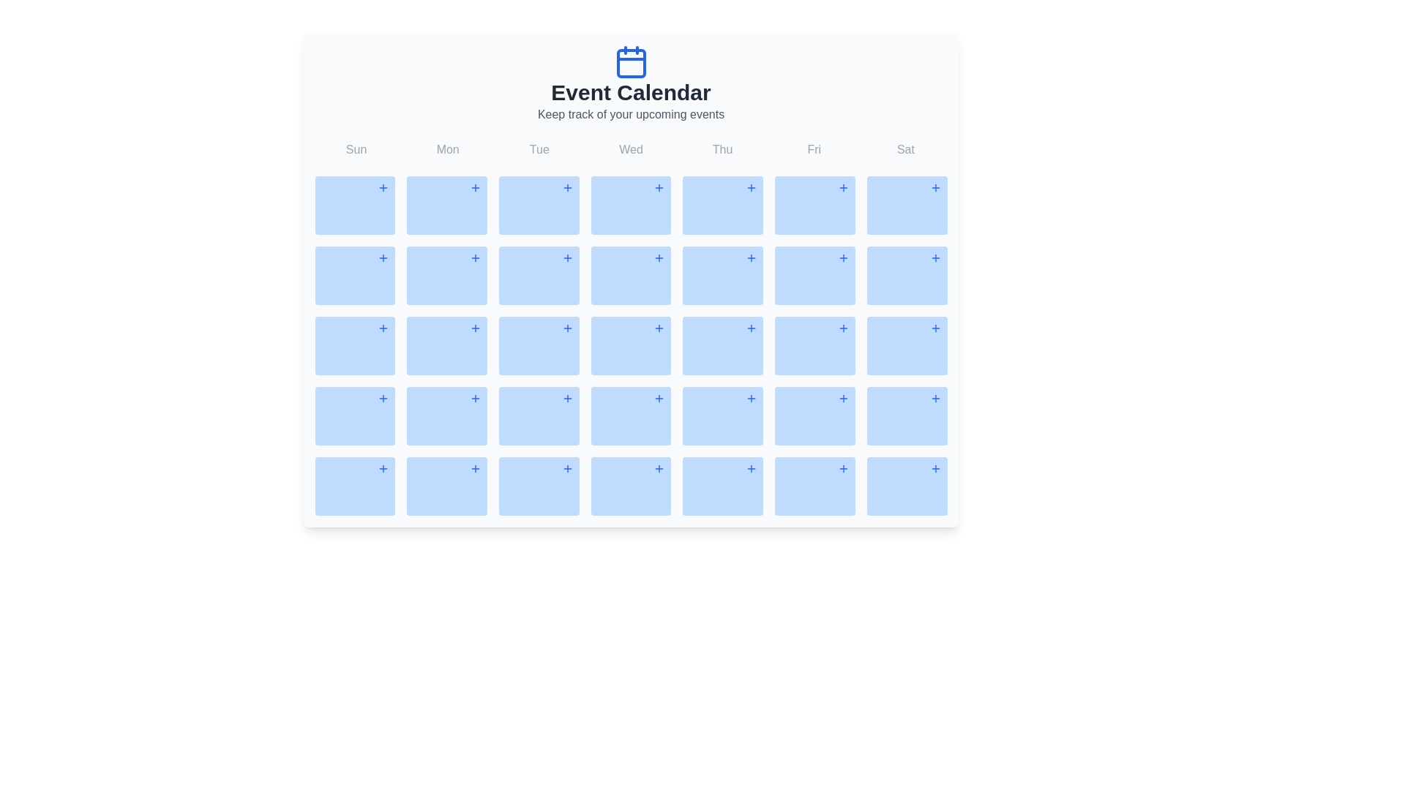 The width and height of the screenshot is (1405, 790). Describe the element at coordinates (383, 187) in the screenshot. I see `the small blue '+' icon in the top-left corner of the calendar grid` at that location.